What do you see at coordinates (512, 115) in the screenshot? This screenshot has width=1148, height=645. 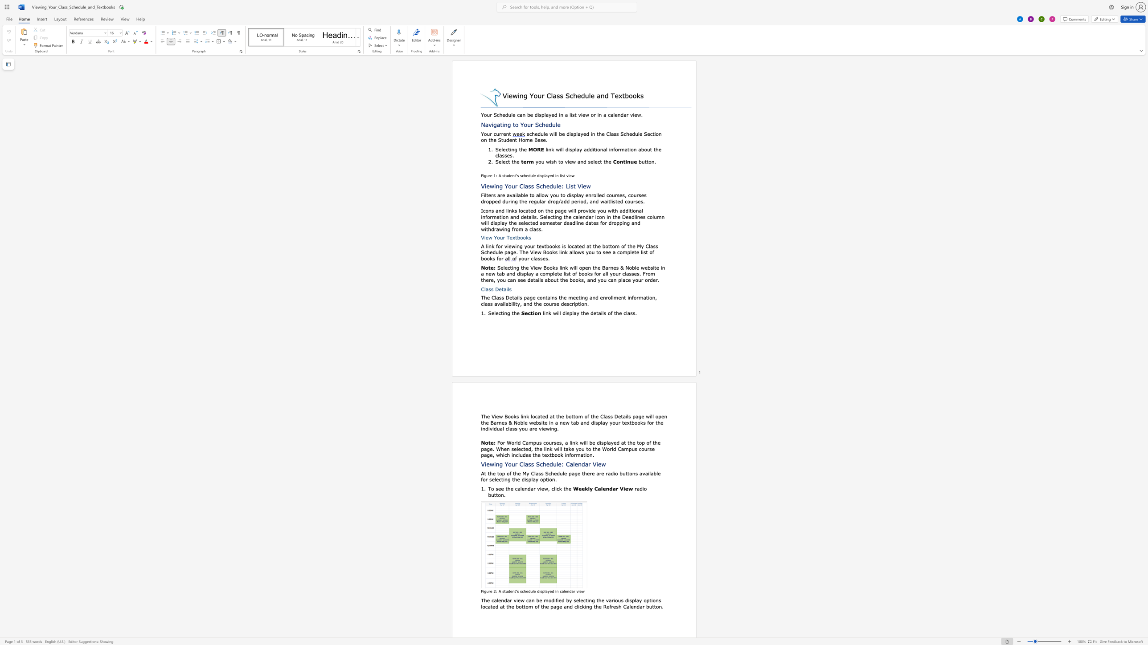 I see `the 1th character "l" in the text` at bounding box center [512, 115].